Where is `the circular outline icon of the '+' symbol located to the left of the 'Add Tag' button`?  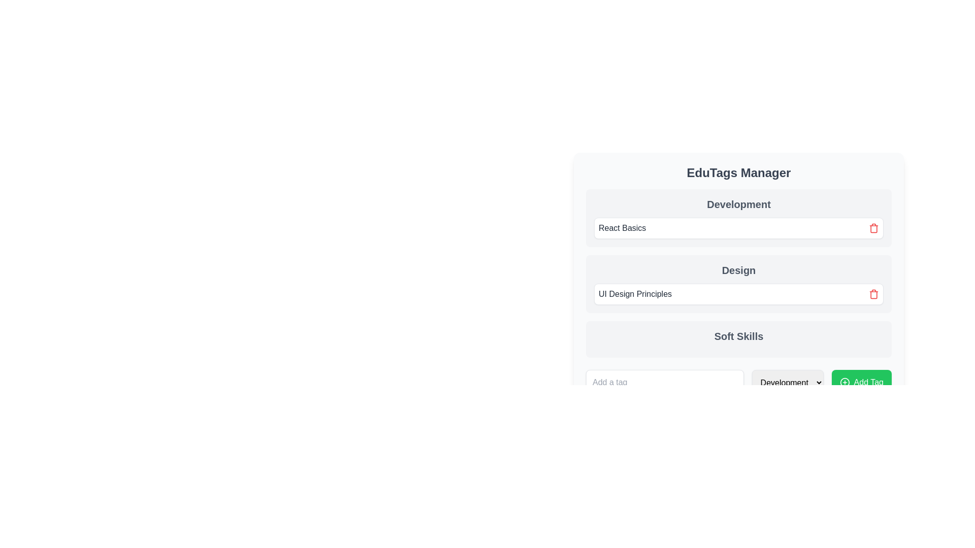 the circular outline icon of the '+' symbol located to the left of the 'Add Tag' button is located at coordinates (844, 382).